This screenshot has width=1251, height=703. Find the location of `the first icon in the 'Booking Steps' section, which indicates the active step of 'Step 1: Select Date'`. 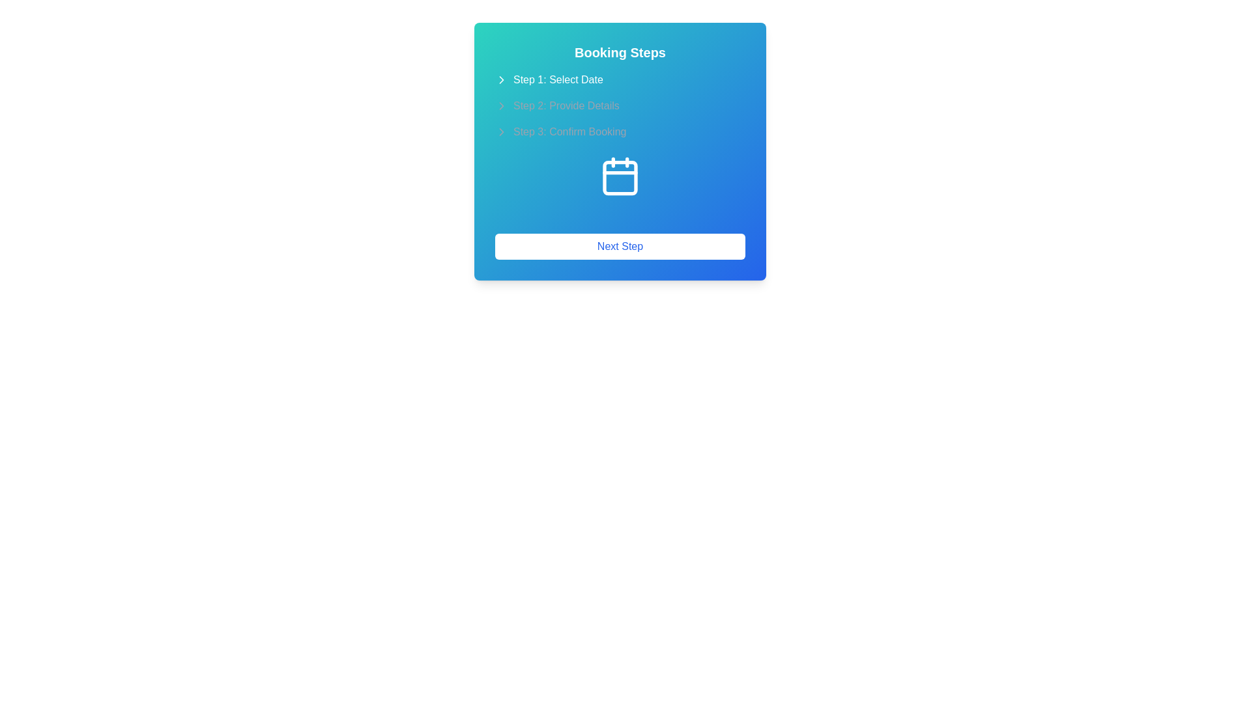

the first icon in the 'Booking Steps' section, which indicates the active step of 'Step 1: Select Date' is located at coordinates (500, 80).